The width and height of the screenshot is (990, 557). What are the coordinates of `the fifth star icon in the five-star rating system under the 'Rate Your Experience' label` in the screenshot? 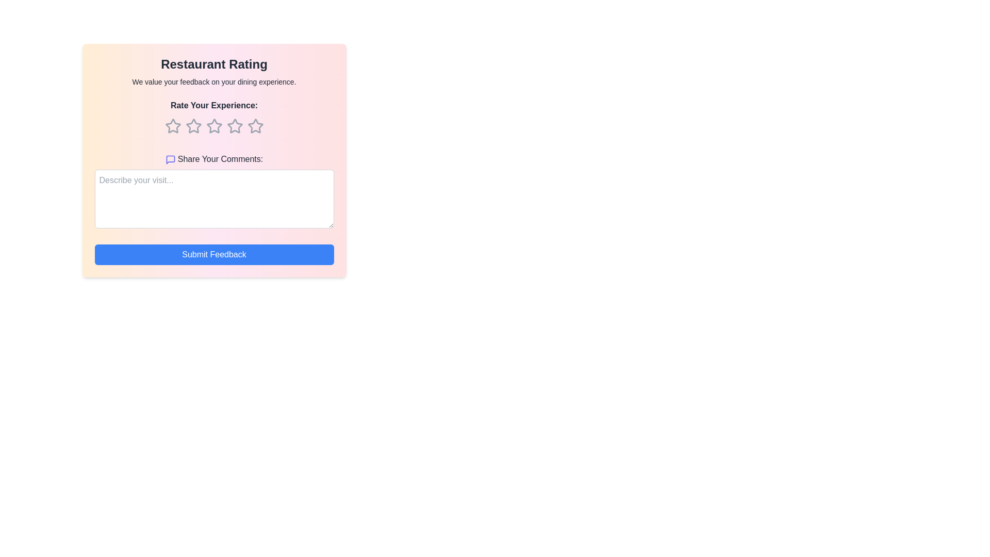 It's located at (255, 125).